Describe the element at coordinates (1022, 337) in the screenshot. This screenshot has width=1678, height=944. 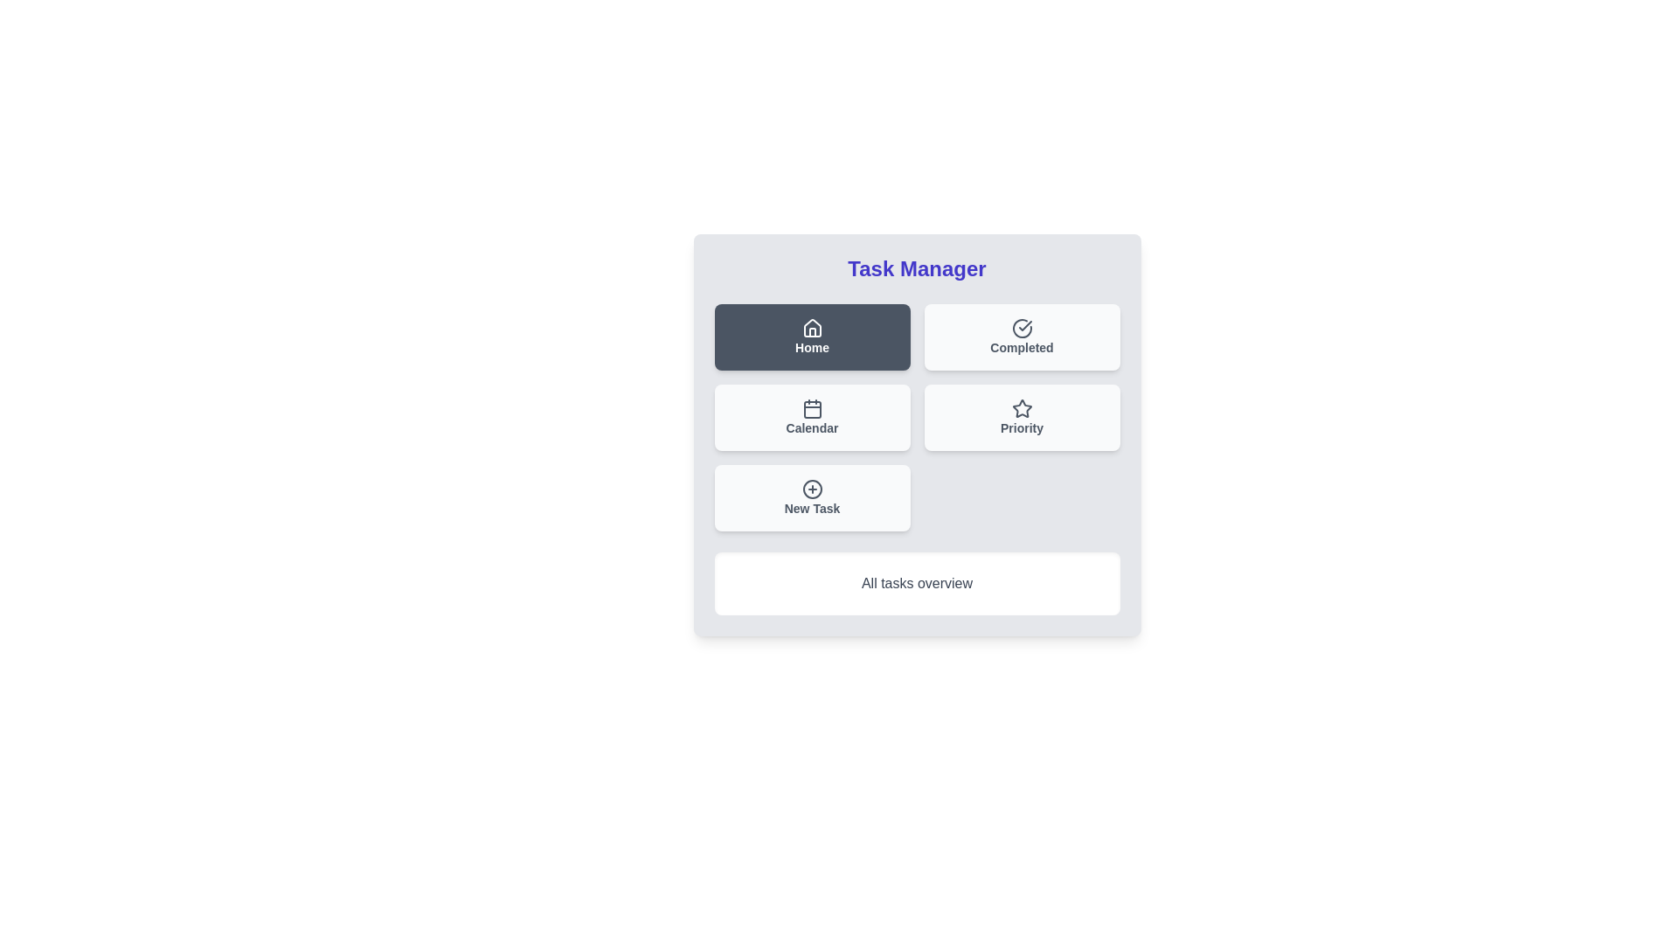
I see `the 'Completed' button with a light gray background and darker gray text, located in the first row, second column of the navigation grid` at that location.